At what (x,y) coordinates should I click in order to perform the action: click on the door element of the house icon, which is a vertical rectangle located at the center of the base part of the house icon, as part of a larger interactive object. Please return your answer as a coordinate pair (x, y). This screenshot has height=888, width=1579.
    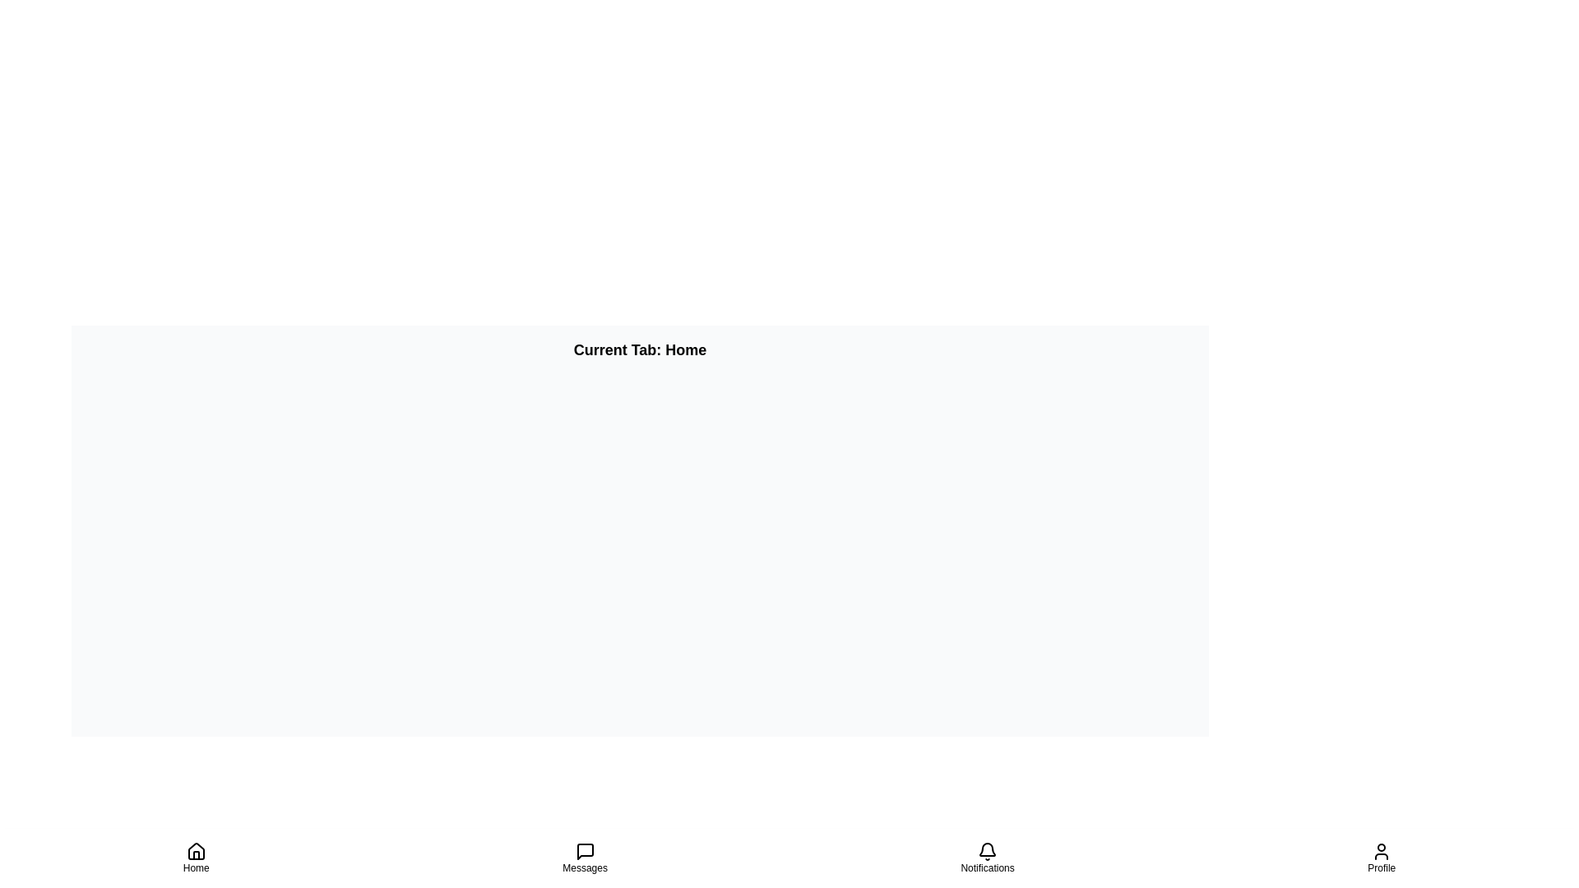
    Looking at the image, I should click on (196, 854).